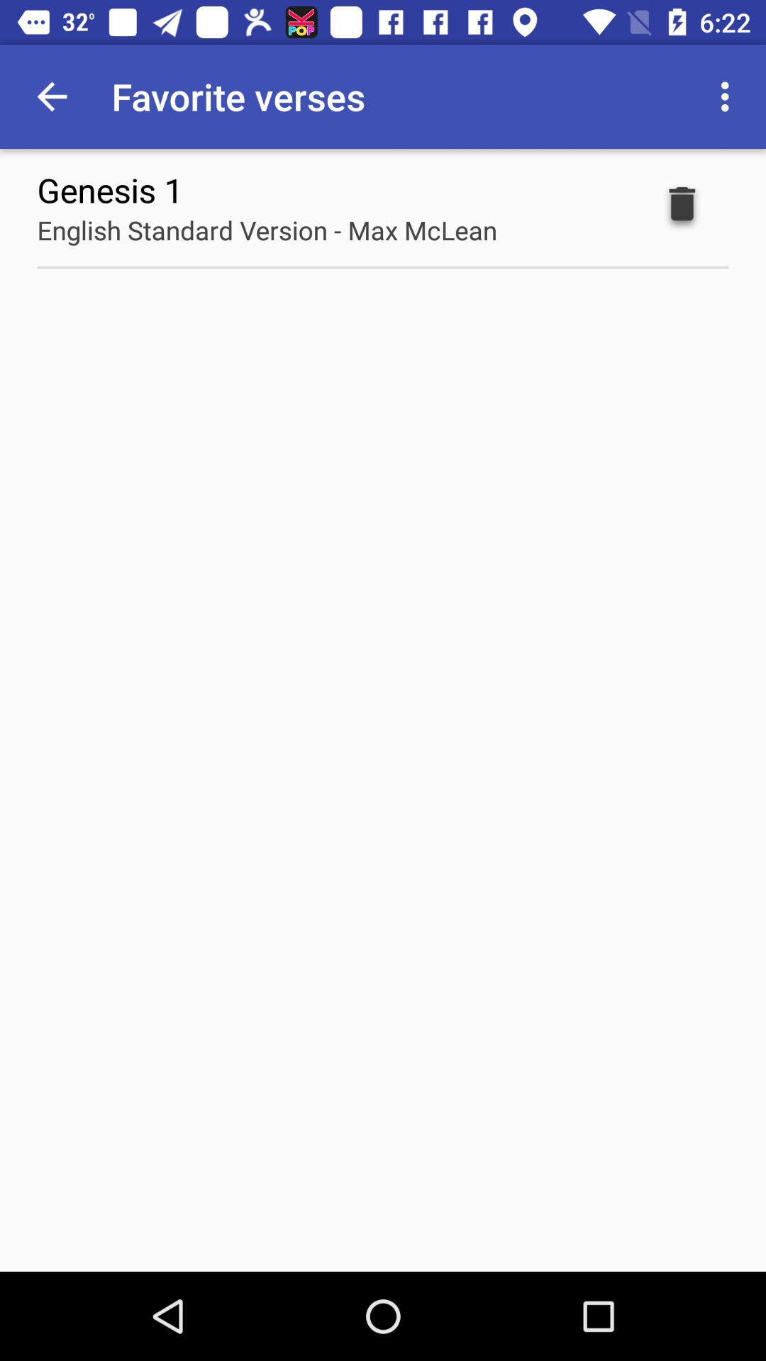 This screenshot has height=1361, width=766. Describe the element at coordinates (109, 189) in the screenshot. I see `the genesis 1` at that location.